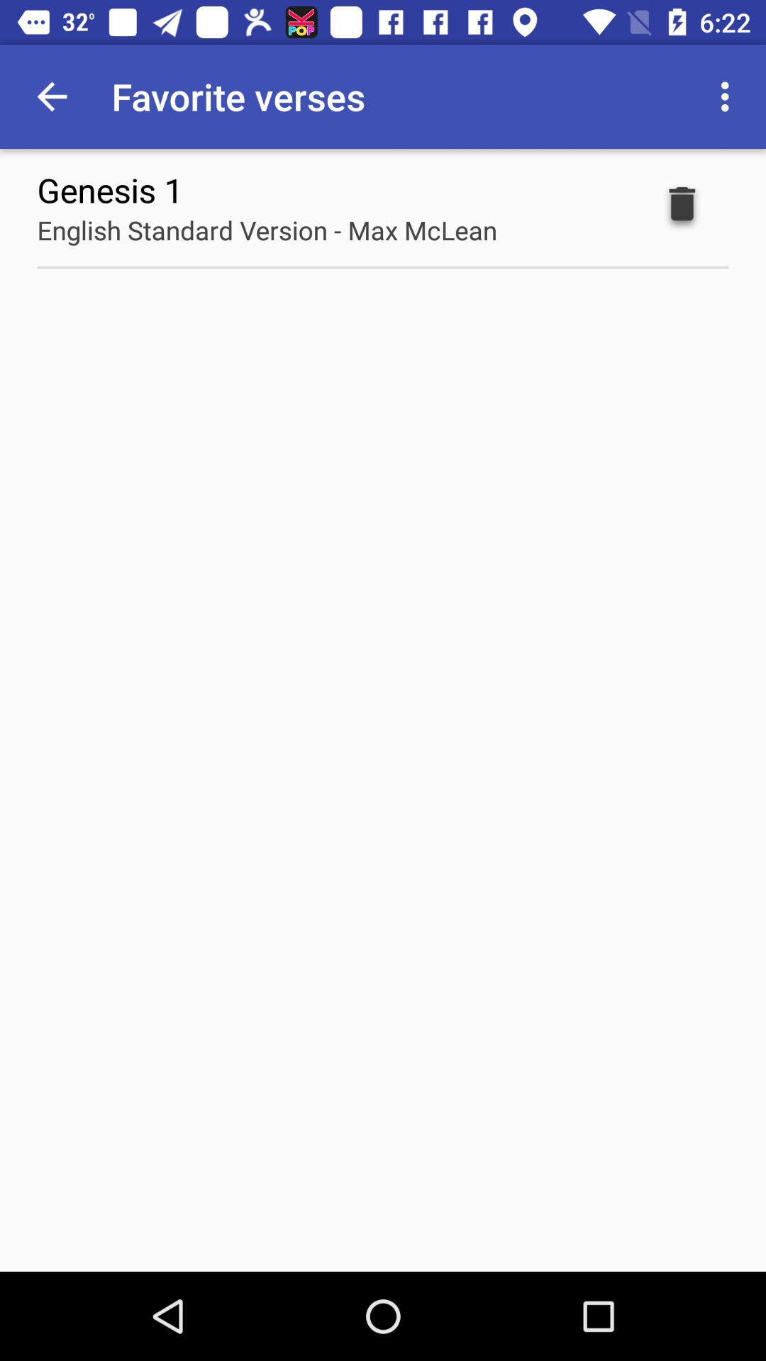 This screenshot has height=1361, width=766. Describe the element at coordinates (109, 189) in the screenshot. I see `the genesis 1` at that location.